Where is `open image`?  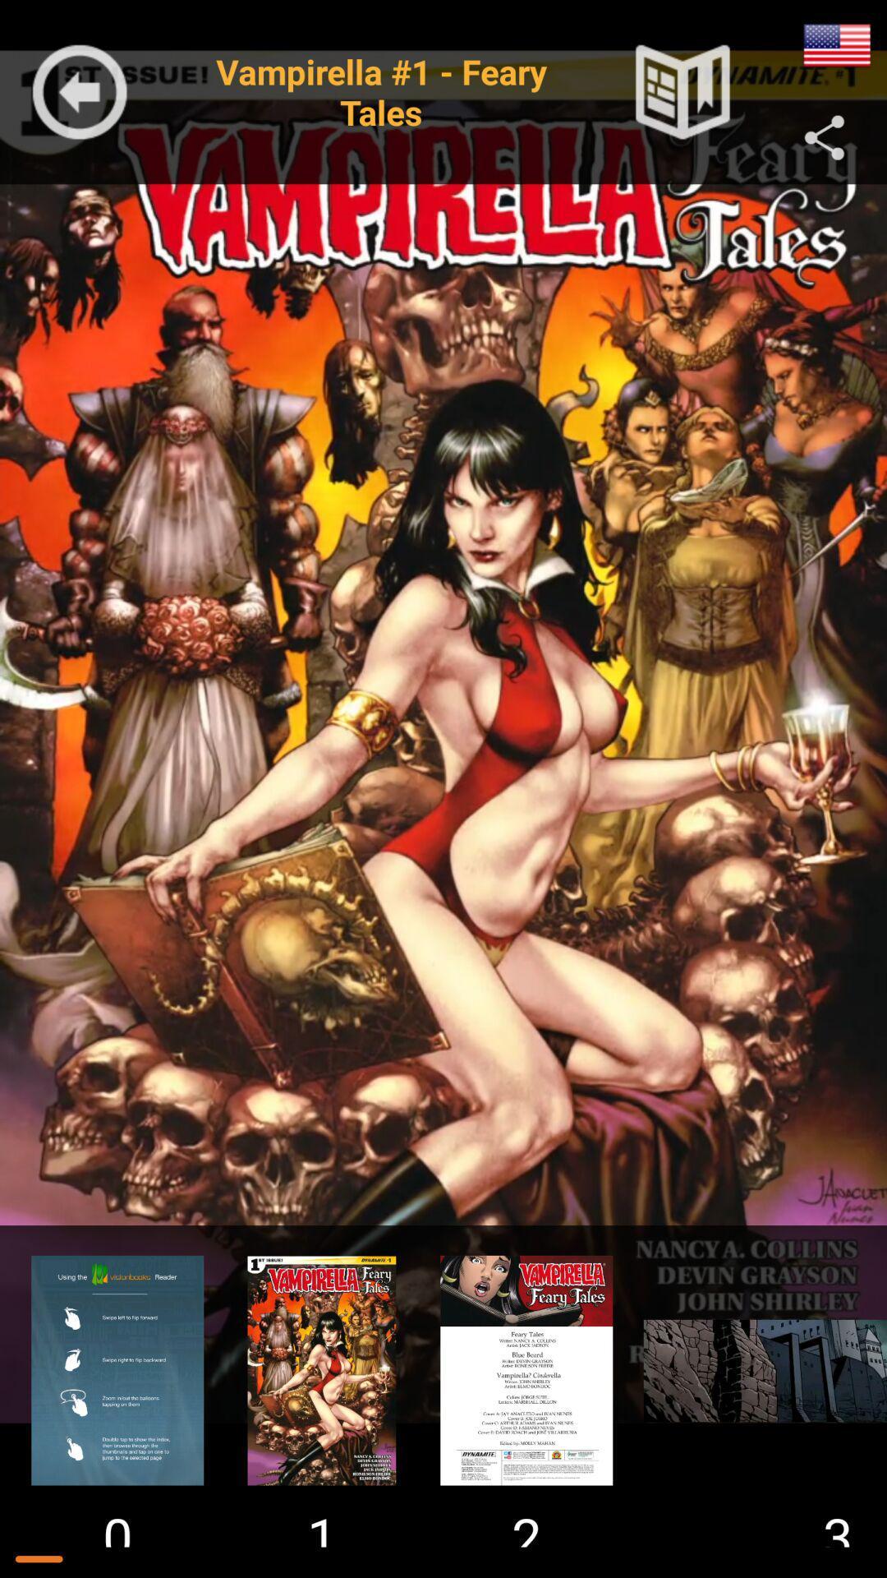 open image is located at coordinates (526, 1370).